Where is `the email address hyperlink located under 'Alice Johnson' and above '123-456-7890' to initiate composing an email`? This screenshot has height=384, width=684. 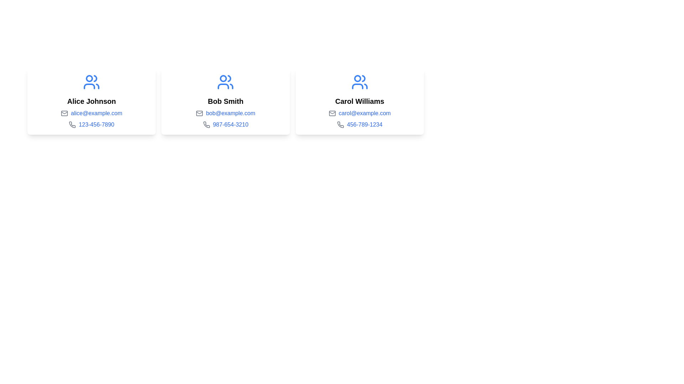
the email address hyperlink located under 'Alice Johnson' and above '123-456-7890' to initiate composing an email is located at coordinates (91, 113).